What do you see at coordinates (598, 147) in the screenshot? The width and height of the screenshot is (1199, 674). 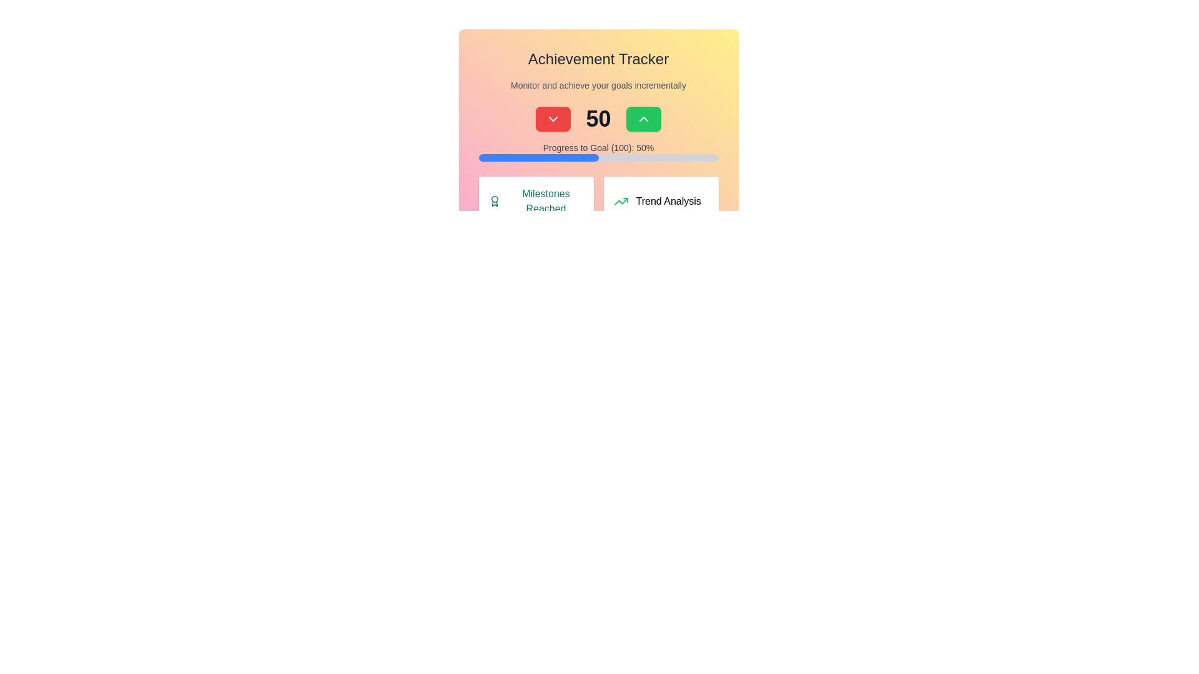 I see `the Text Label displaying the user's current progress towards a predefined goal, located just beneath the large numeric display and positioned above the progress bar` at bounding box center [598, 147].